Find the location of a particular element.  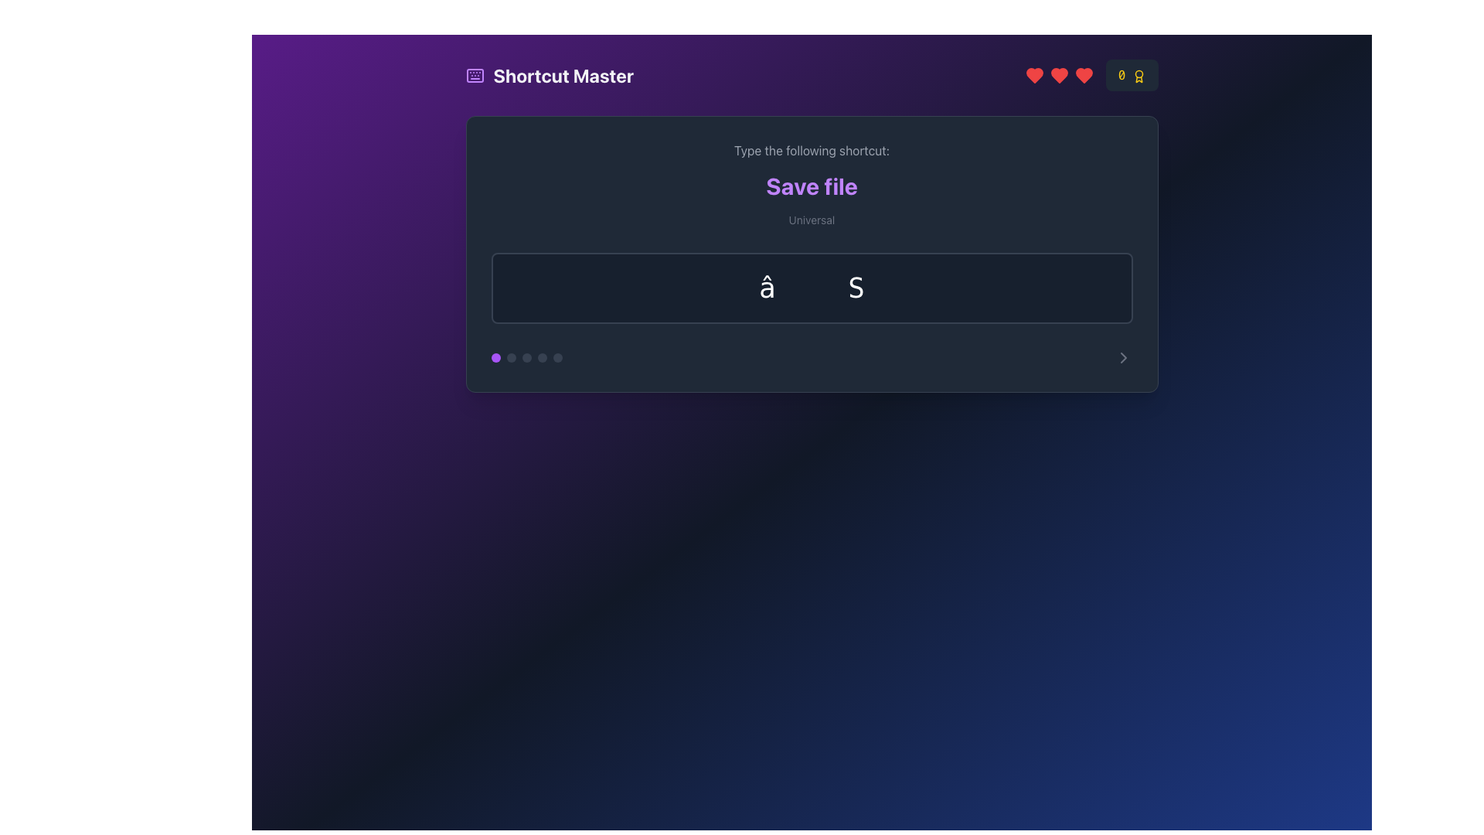

the bold, large-sized 'Save file' text label displayed in purple color, located between 'Type the following shortcut:' and 'Universal' is located at coordinates (811, 185).